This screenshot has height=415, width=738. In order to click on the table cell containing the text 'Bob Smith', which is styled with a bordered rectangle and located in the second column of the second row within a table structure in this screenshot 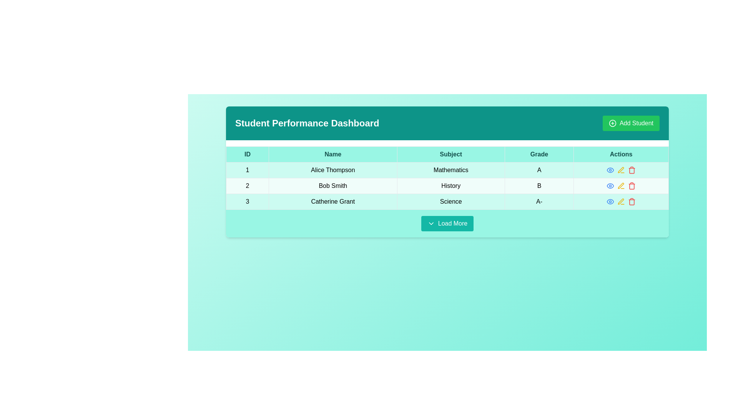, I will do `click(333, 186)`.